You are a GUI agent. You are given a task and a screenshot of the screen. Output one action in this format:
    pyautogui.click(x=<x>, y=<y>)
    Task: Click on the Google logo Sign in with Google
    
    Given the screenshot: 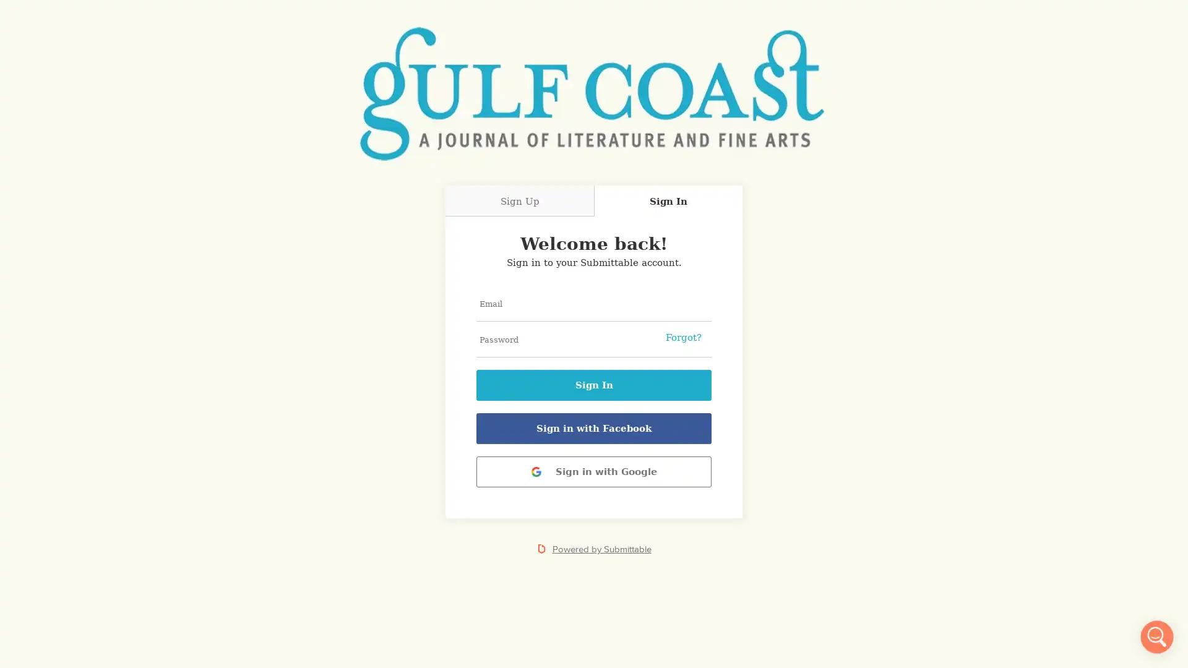 What is the action you would take?
    pyautogui.click(x=594, y=472)
    